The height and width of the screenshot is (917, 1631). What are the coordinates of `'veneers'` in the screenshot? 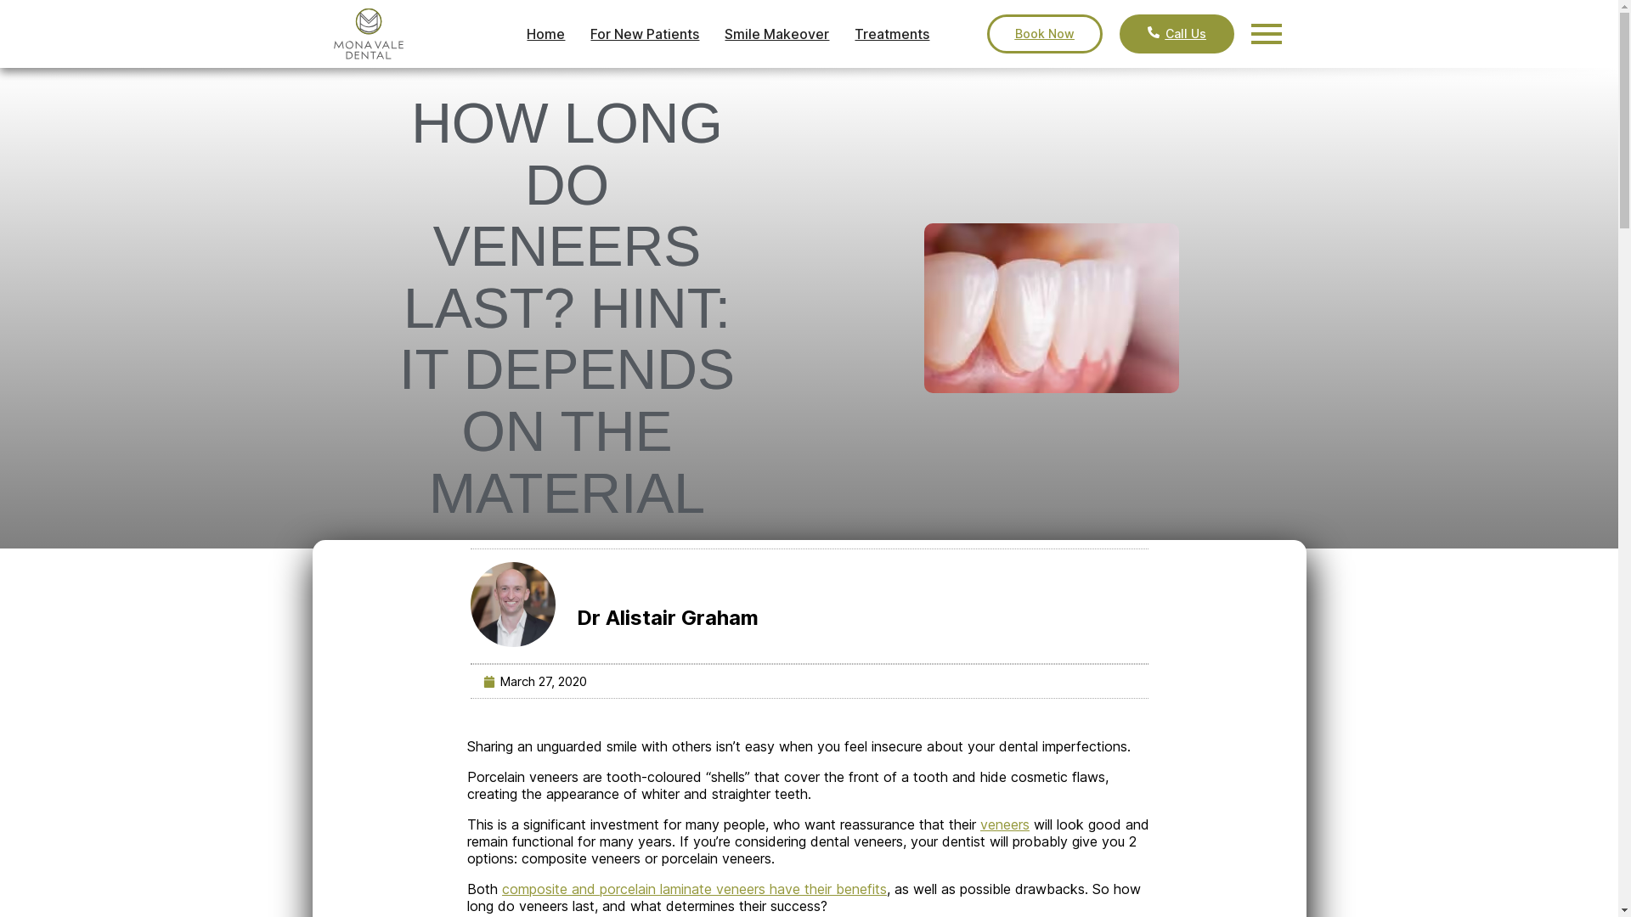 It's located at (1004, 824).